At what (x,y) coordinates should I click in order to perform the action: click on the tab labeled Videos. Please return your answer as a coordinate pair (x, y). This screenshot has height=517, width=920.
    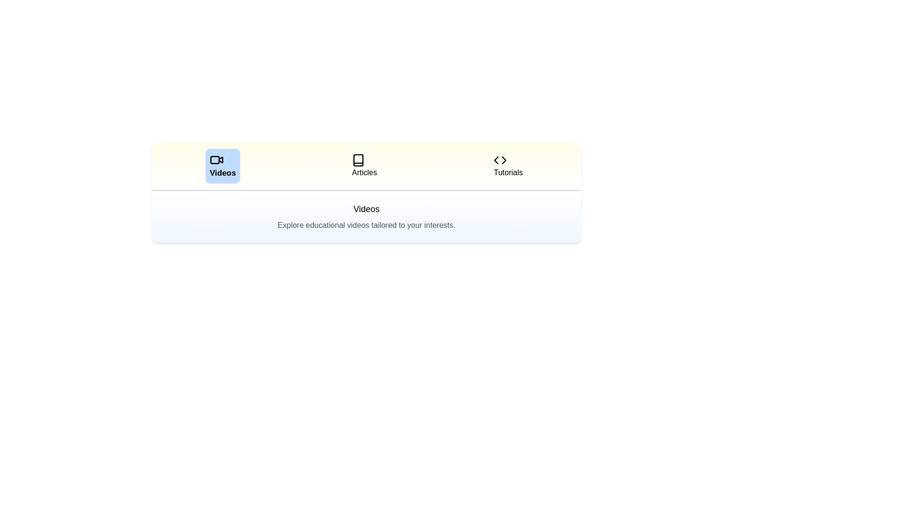
    Looking at the image, I should click on (222, 166).